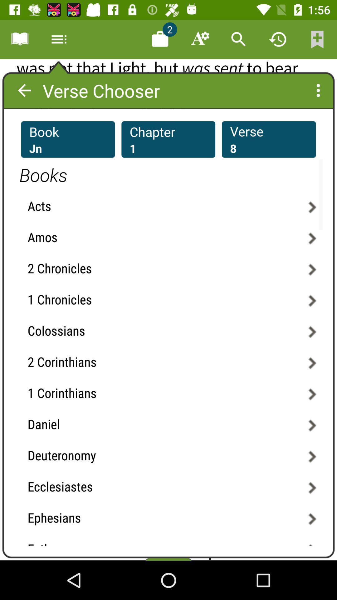  Describe the element at coordinates (318, 90) in the screenshot. I see `the more icon` at that location.